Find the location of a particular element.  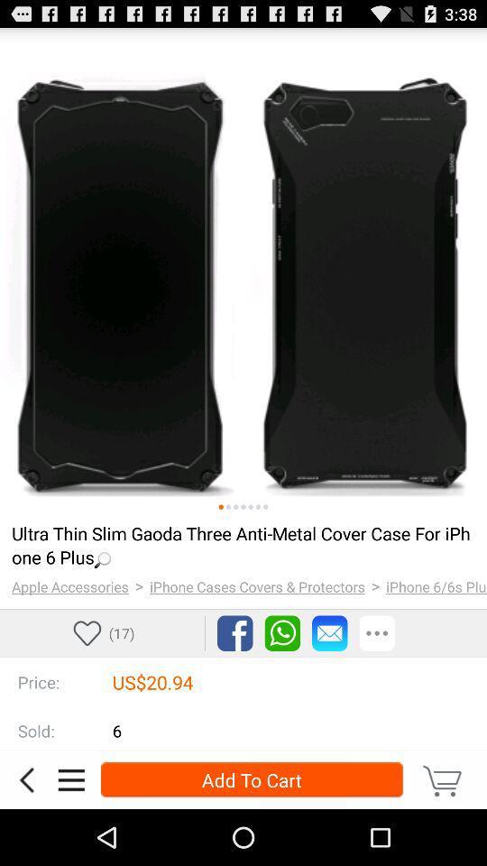

email us is located at coordinates (328, 633).